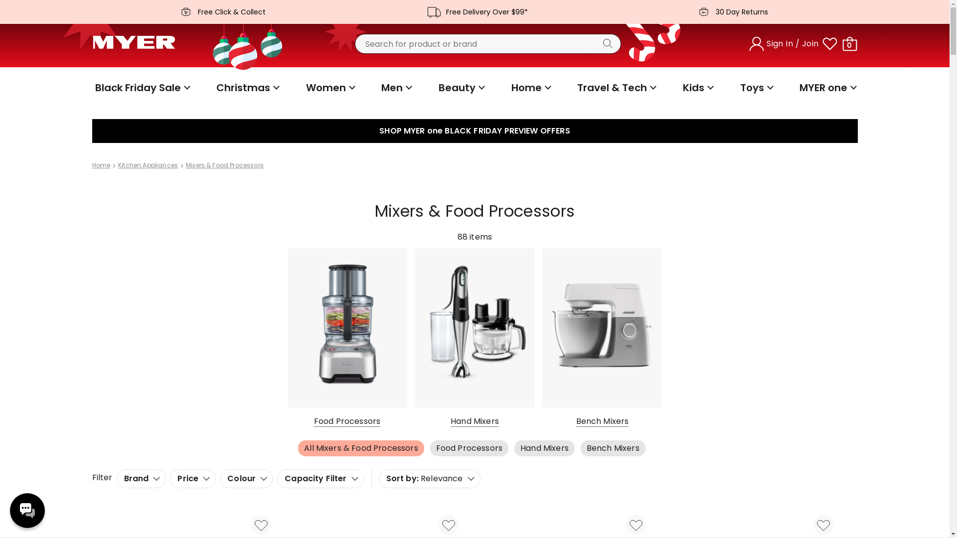  I want to click on 'Travel & Tech', so click(574, 87).